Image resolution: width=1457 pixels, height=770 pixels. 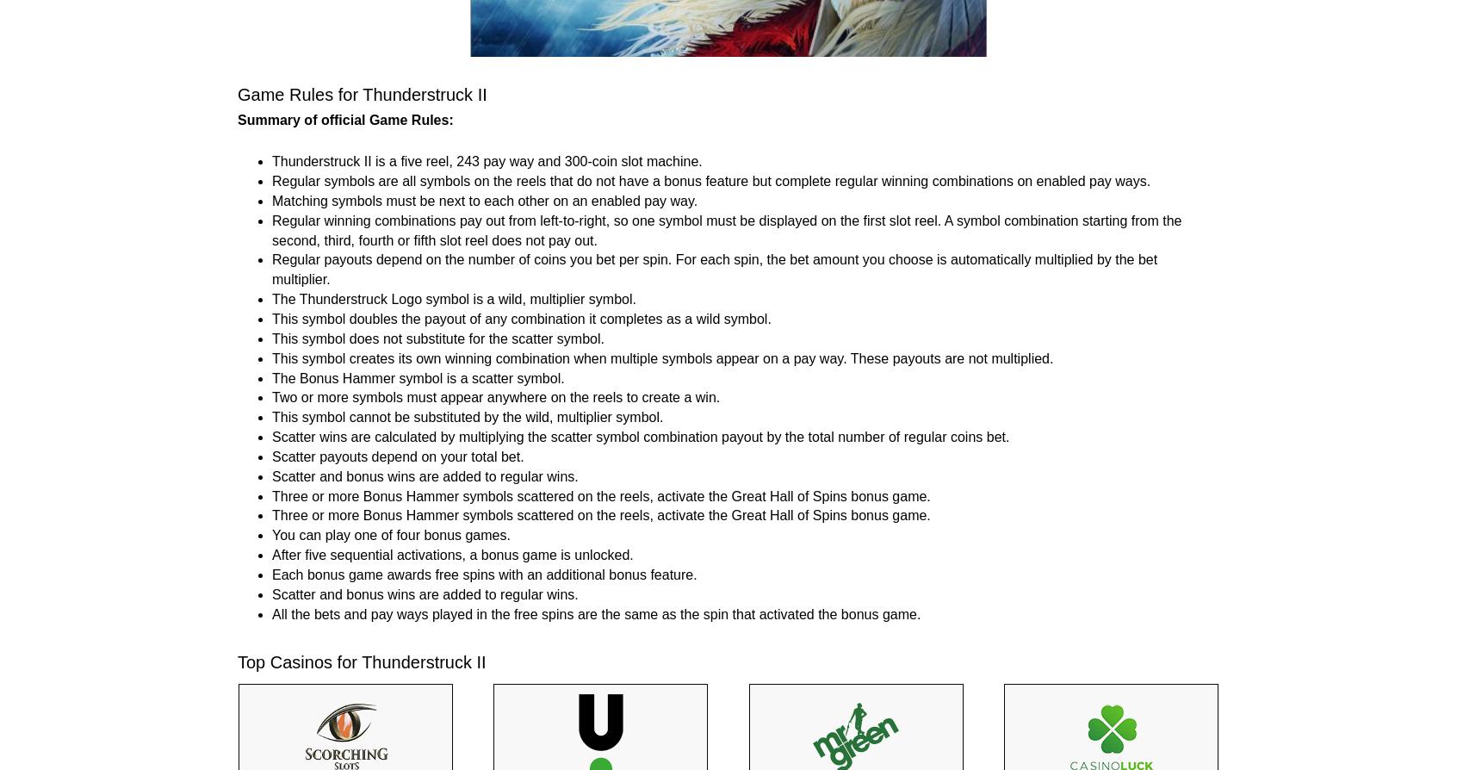 What do you see at coordinates (452, 555) in the screenshot?
I see `'After five sequential activations, a bonus game is unlocked.'` at bounding box center [452, 555].